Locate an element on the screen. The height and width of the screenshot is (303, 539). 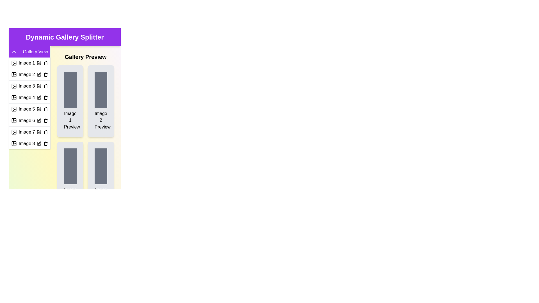
the image preview card for 'Image 1' located in the first row and first column of the 'Gallery Preview' section is located at coordinates (70, 101).